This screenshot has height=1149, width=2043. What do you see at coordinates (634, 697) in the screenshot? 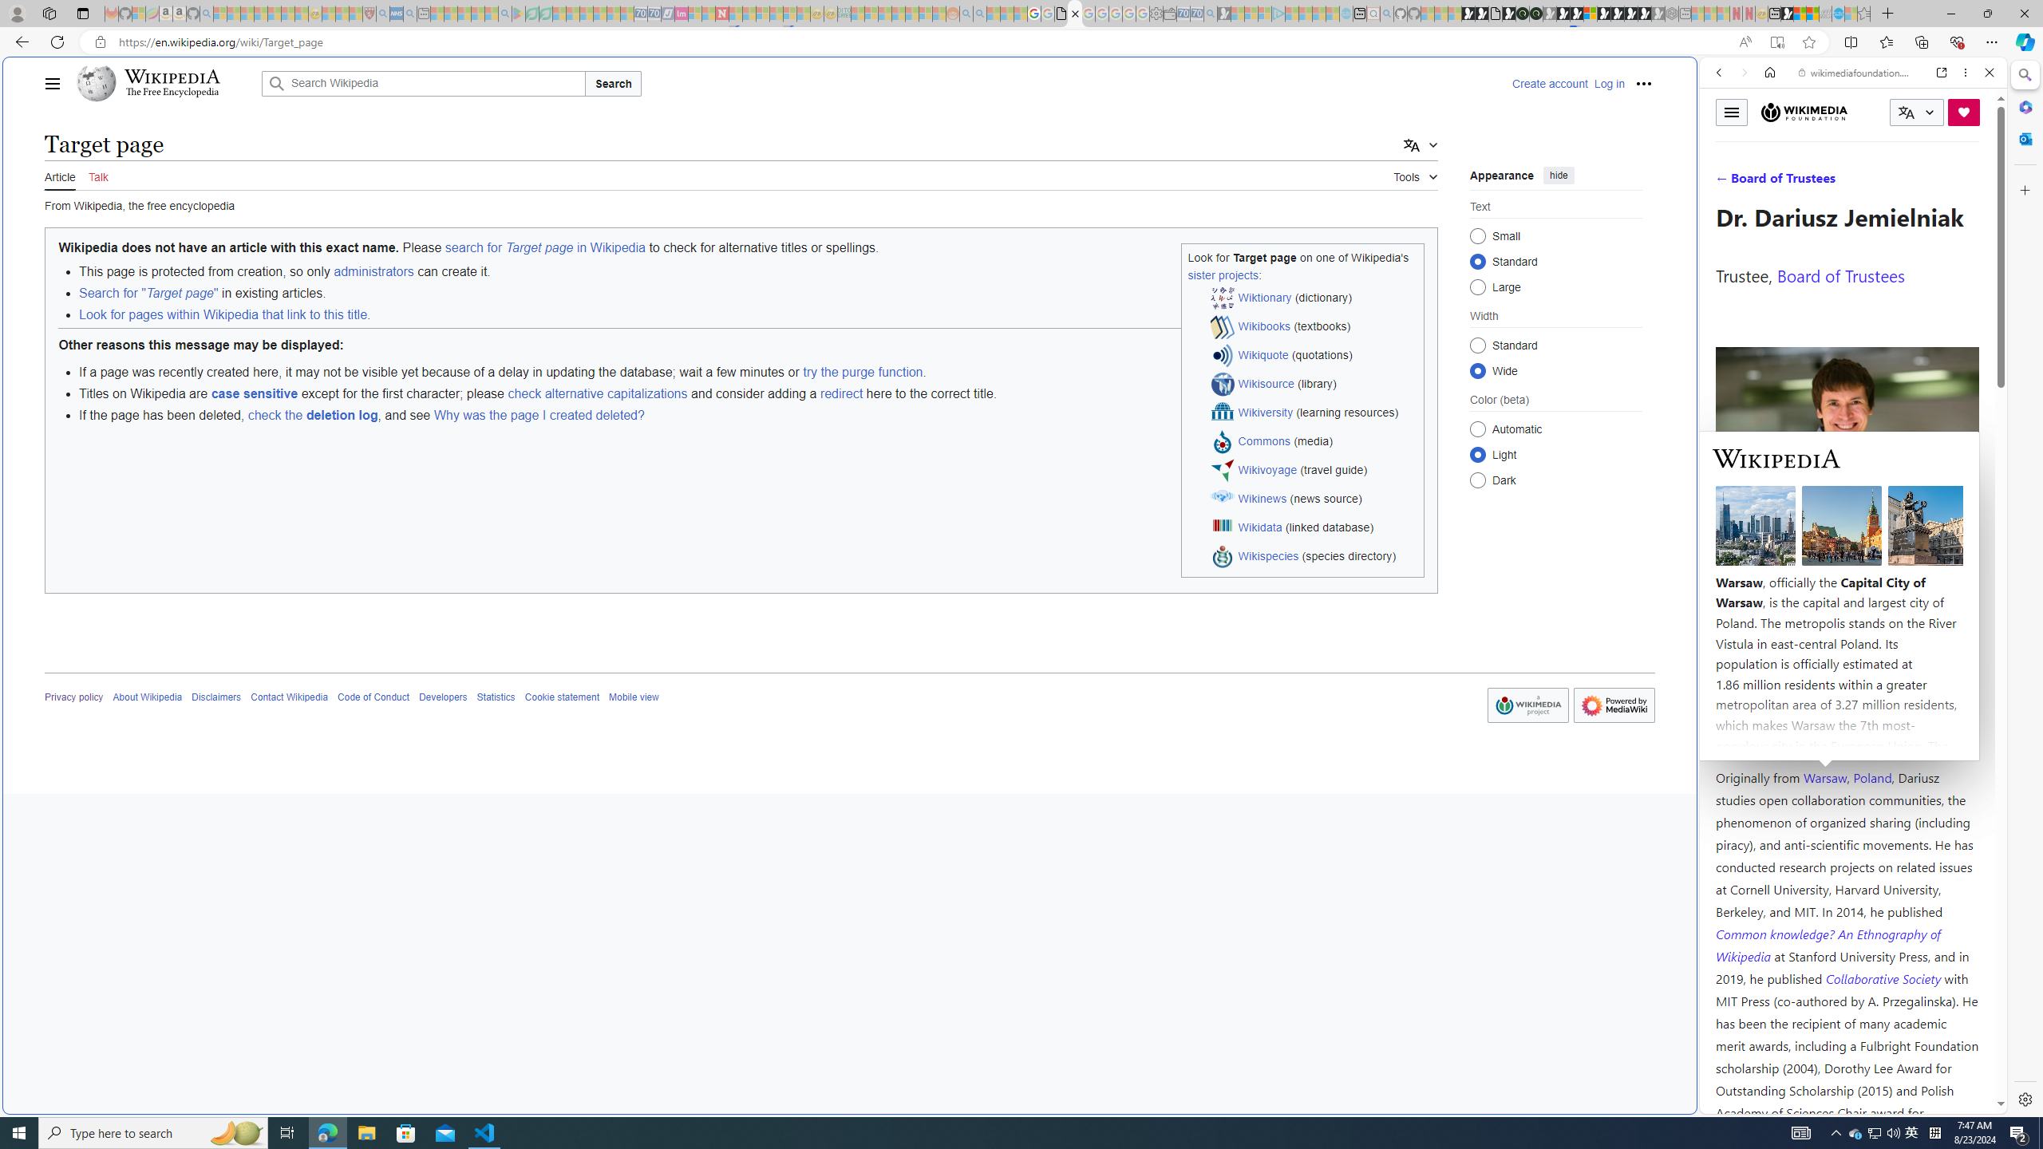
I see `'Mobile view'` at bounding box center [634, 697].